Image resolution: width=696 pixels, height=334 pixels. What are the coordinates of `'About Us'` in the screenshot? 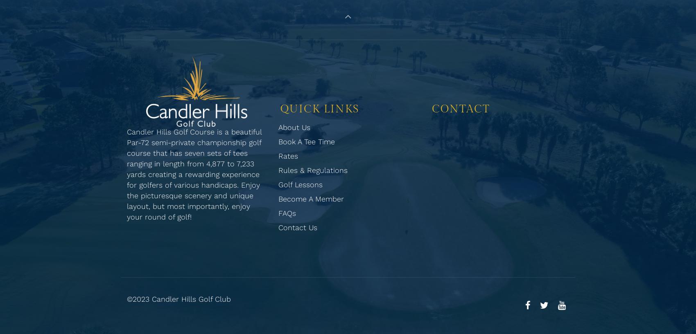 It's located at (278, 127).